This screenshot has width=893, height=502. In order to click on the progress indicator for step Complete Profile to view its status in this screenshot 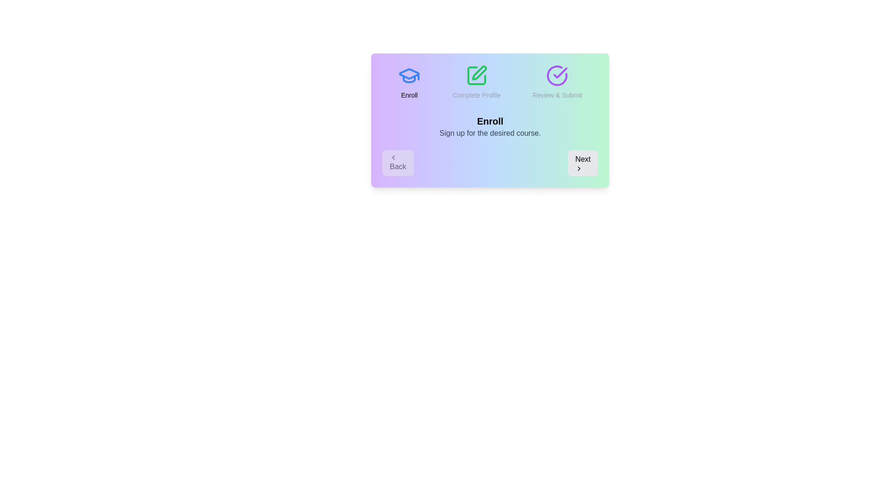, I will do `click(476, 82)`.